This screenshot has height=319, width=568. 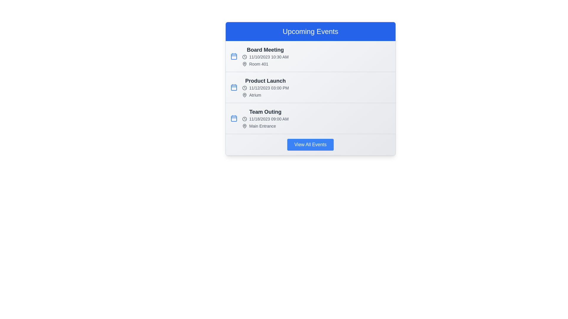 What do you see at coordinates (244, 95) in the screenshot?
I see `the pin icon that represents the location of the 'Atrium' for the 'Product Launch' event, which is located to the left of the text 'Atrium'` at bounding box center [244, 95].